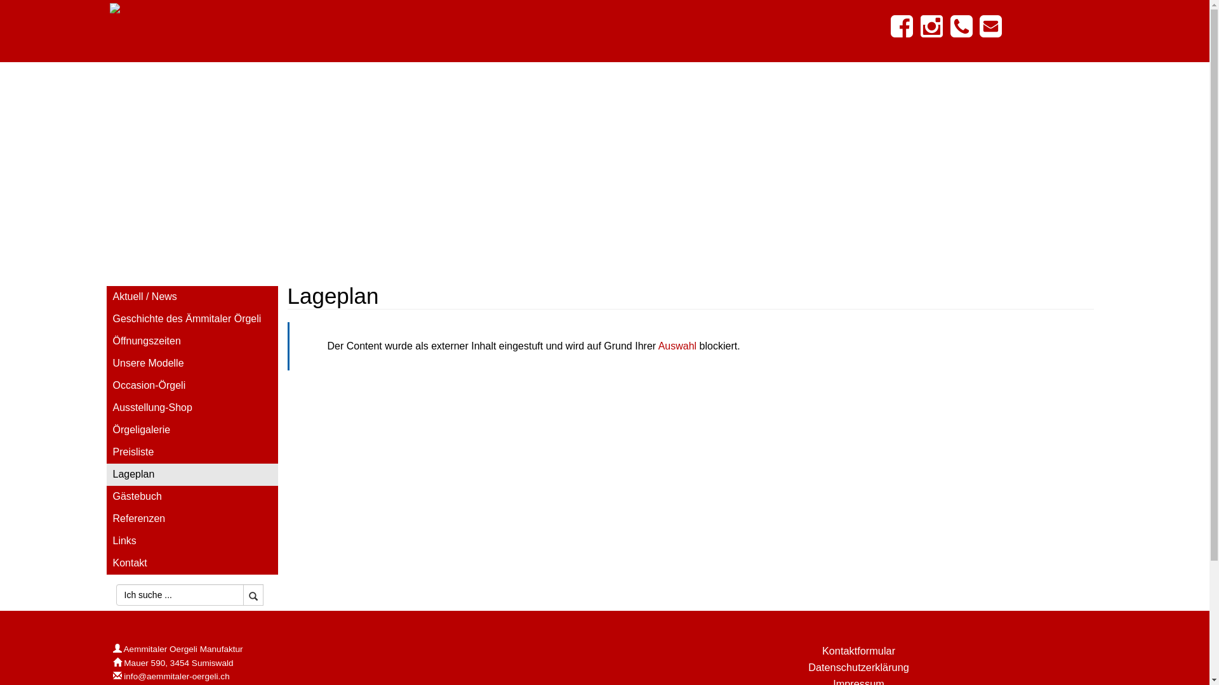 The width and height of the screenshot is (1219, 685). I want to click on 'Auswahl', so click(676, 346).